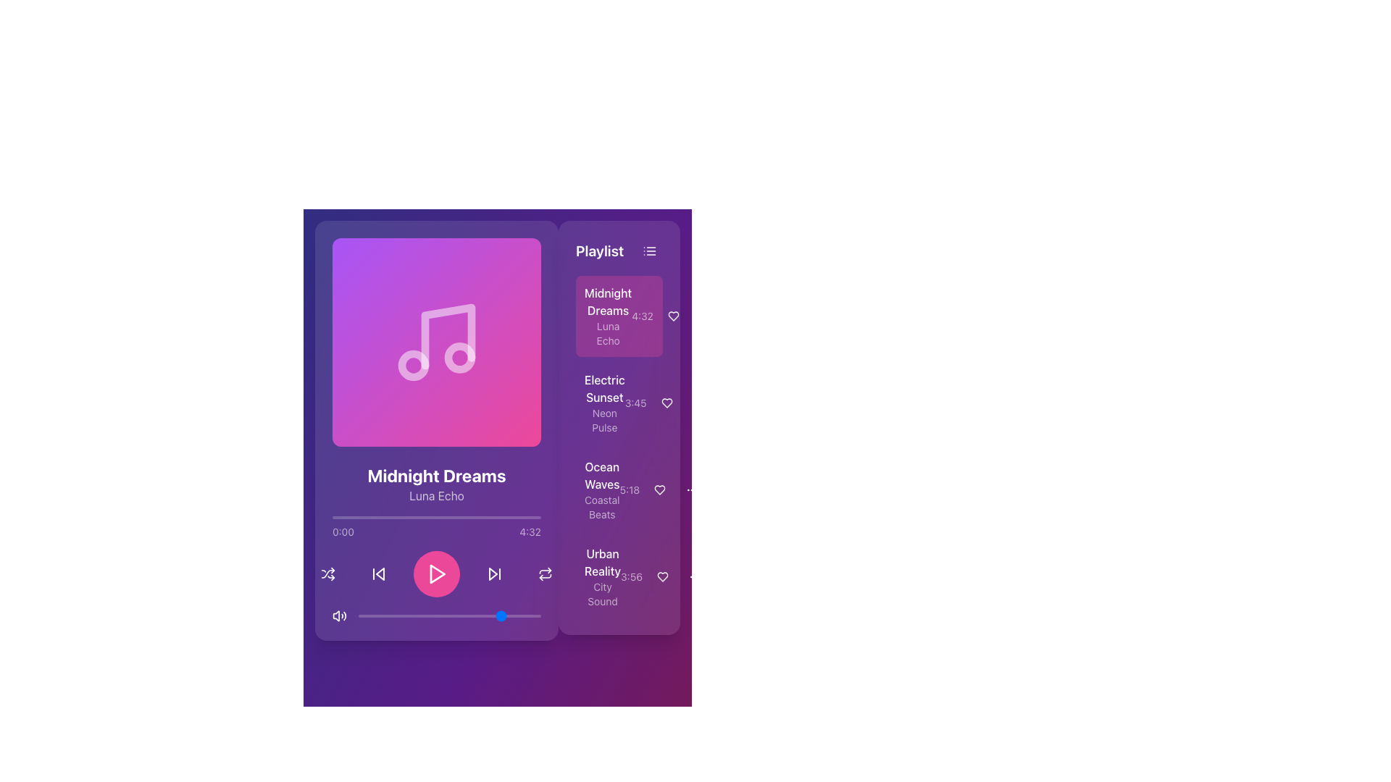 This screenshot has width=1391, height=782. Describe the element at coordinates (494, 573) in the screenshot. I see `the 'skip forward' button in the music playback interface` at that location.